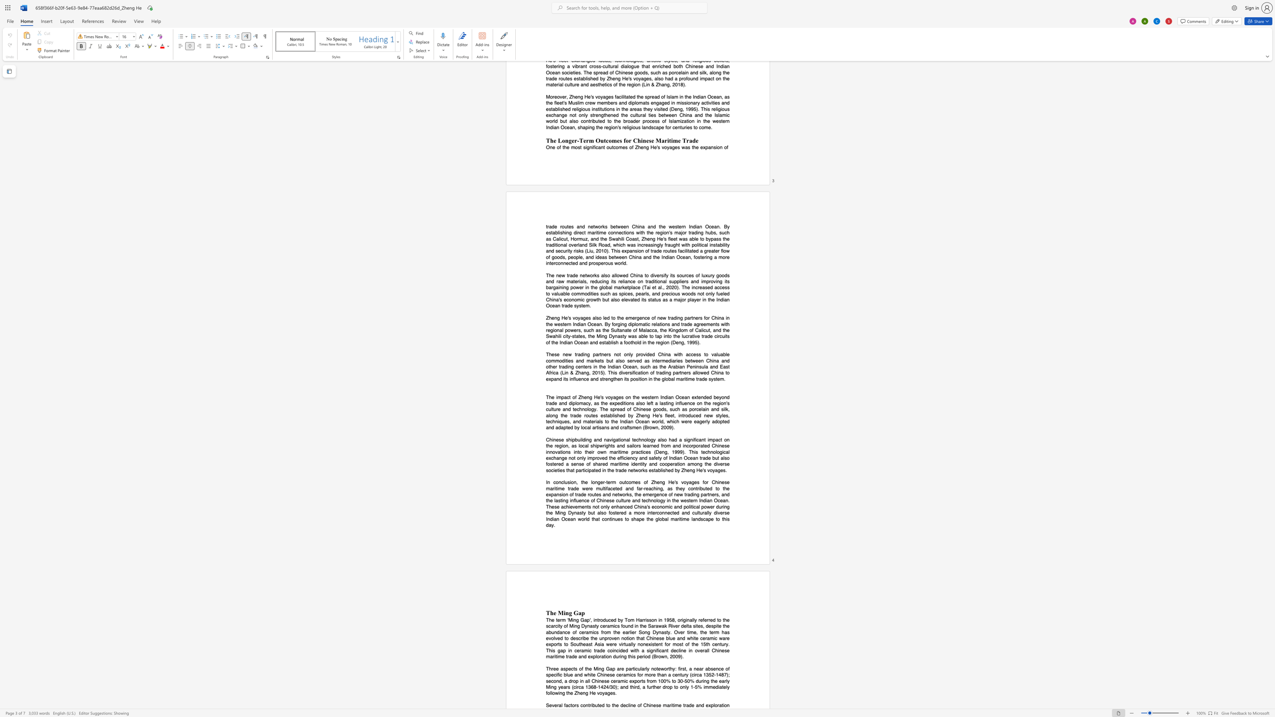  Describe the element at coordinates (679, 397) in the screenshot. I see `the subset text "cean extended beyond trade and diplomacy, as the expeditions also left a lasting influence on the" within the text "The impact of Zheng He"` at that location.